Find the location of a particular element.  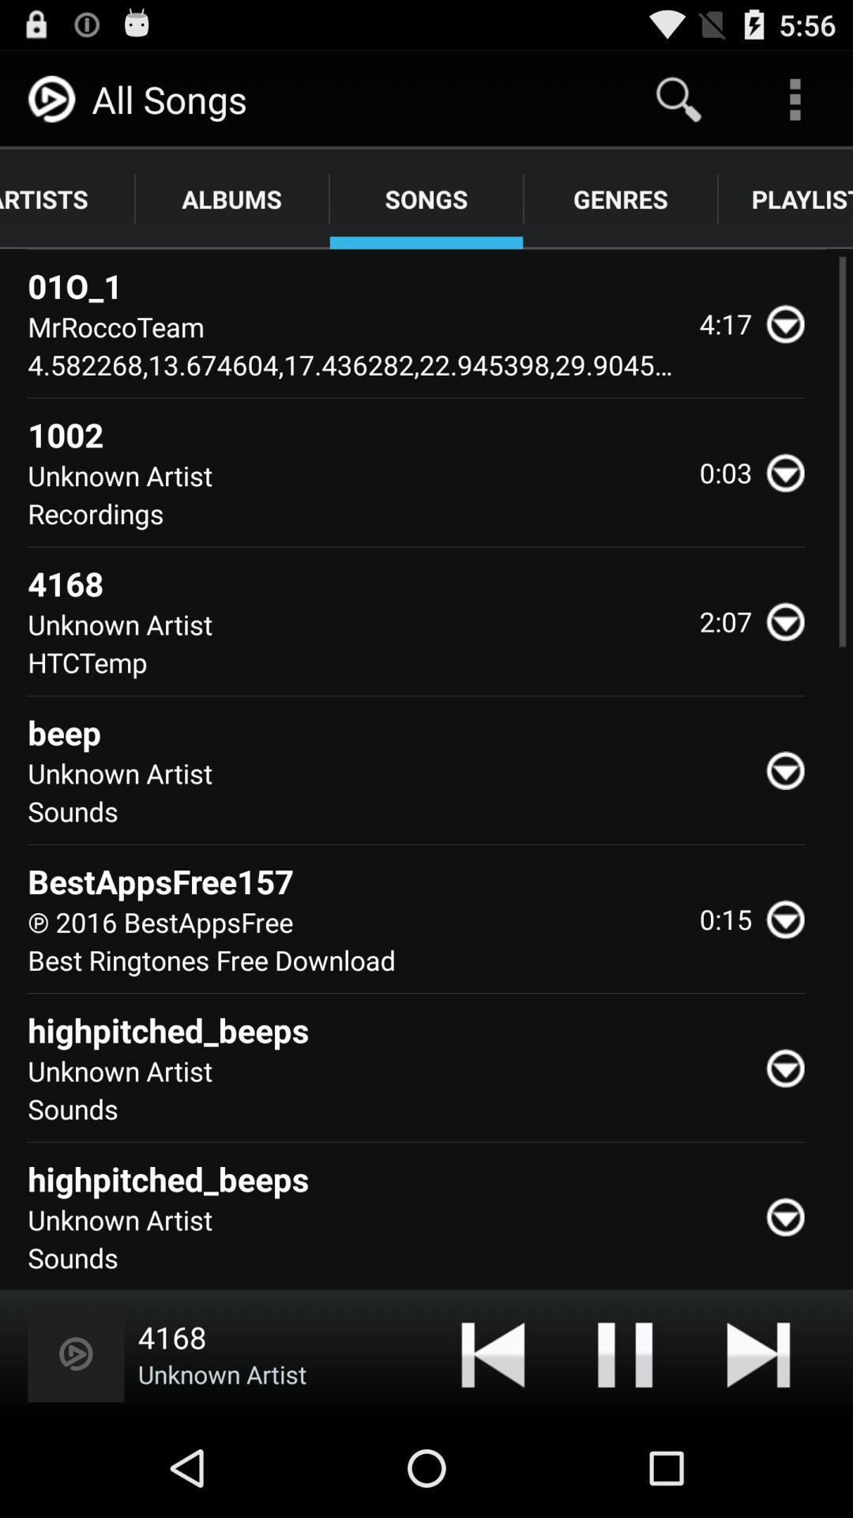

the pause icon is located at coordinates (624, 1448).